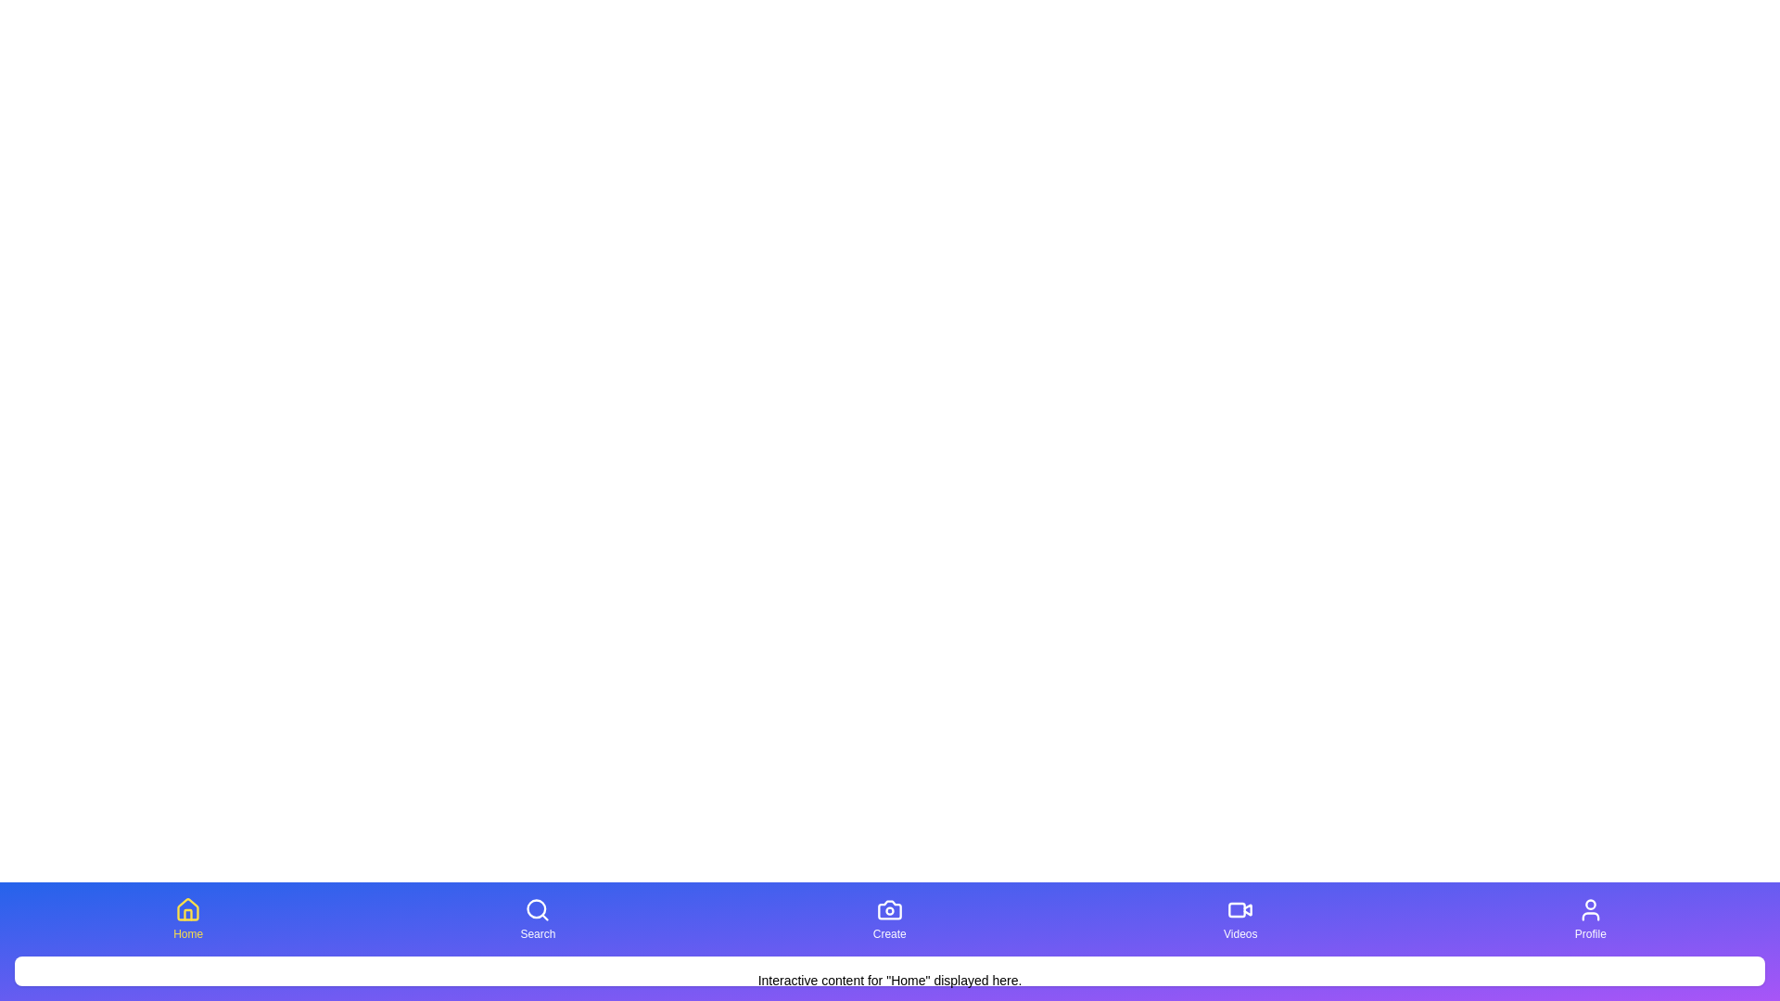  Describe the element at coordinates (1590, 919) in the screenshot. I see `the Profile tab to switch to it` at that location.